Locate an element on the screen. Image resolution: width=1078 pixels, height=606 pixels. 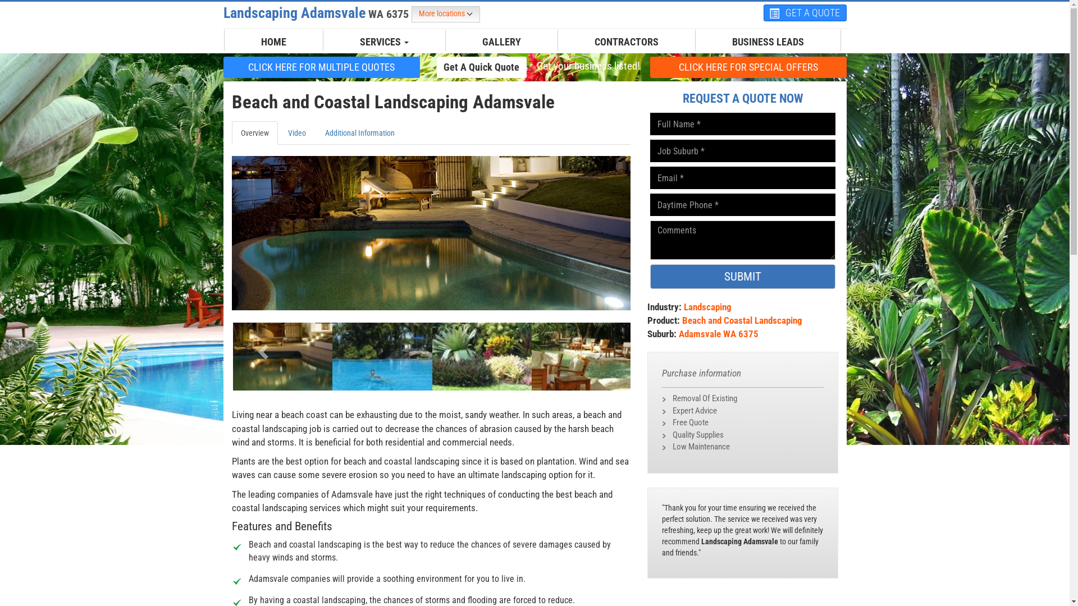
'BUSINESS LEADS' is located at coordinates (723, 41).